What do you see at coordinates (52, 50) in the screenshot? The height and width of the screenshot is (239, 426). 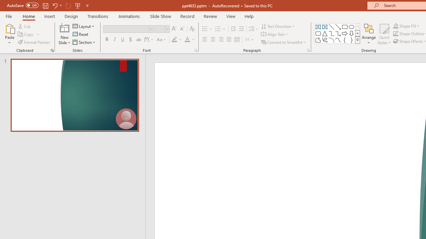 I see `'Office Clipboard...'` at bounding box center [52, 50].